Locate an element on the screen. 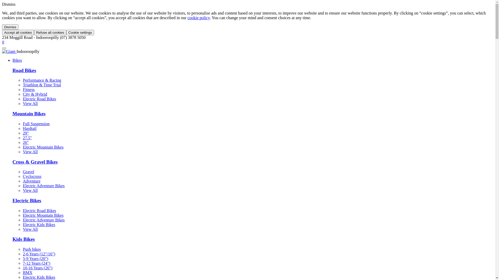 This screenshot has width=499, height=280. 'BMX' is located at coordinates (27, 272).